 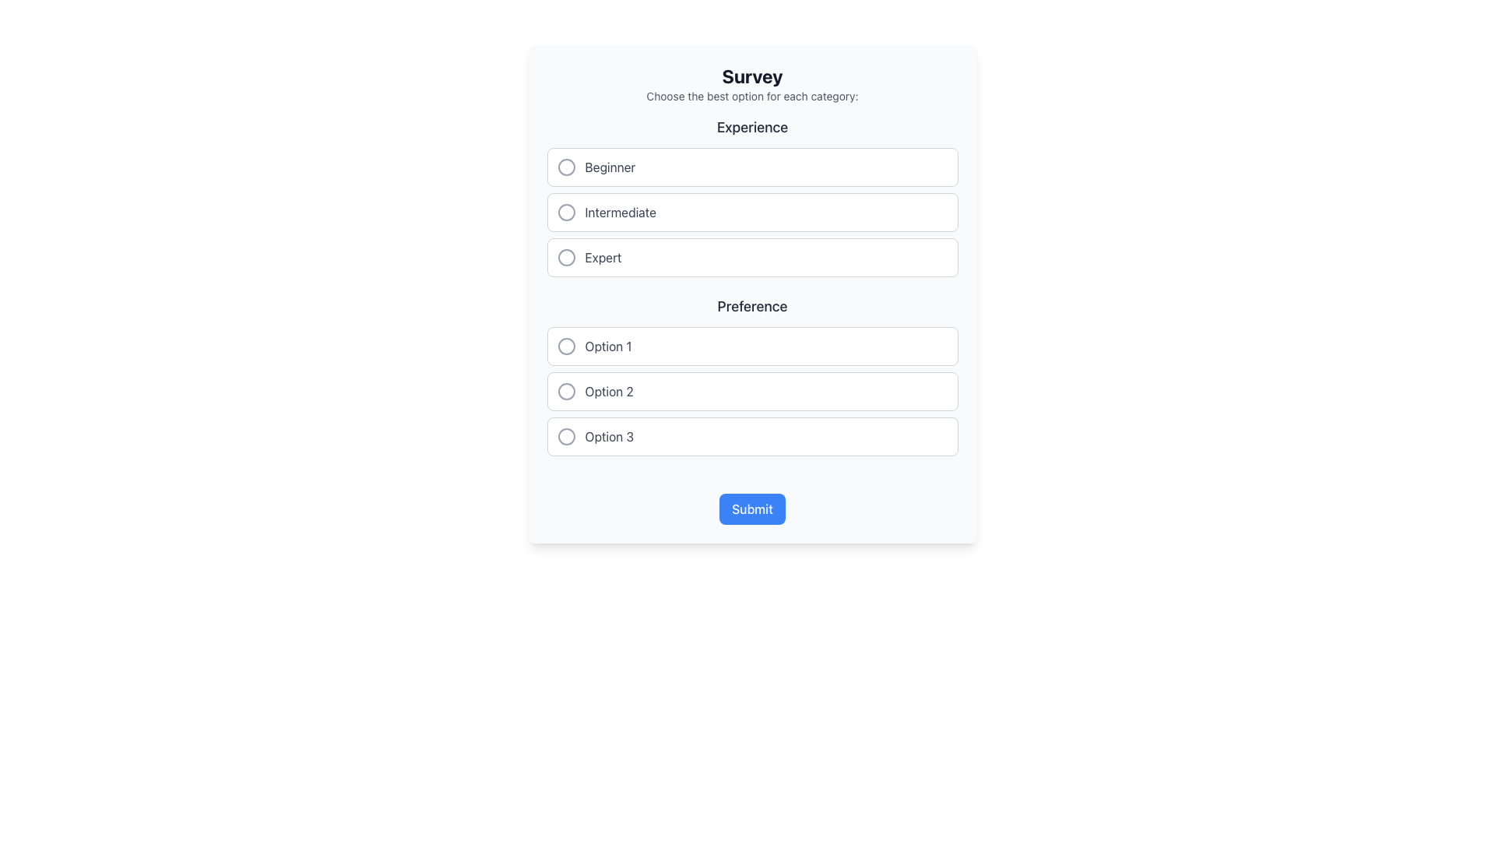 I want to click on the 'Beginner' radio button, so click(x=565, y=167).